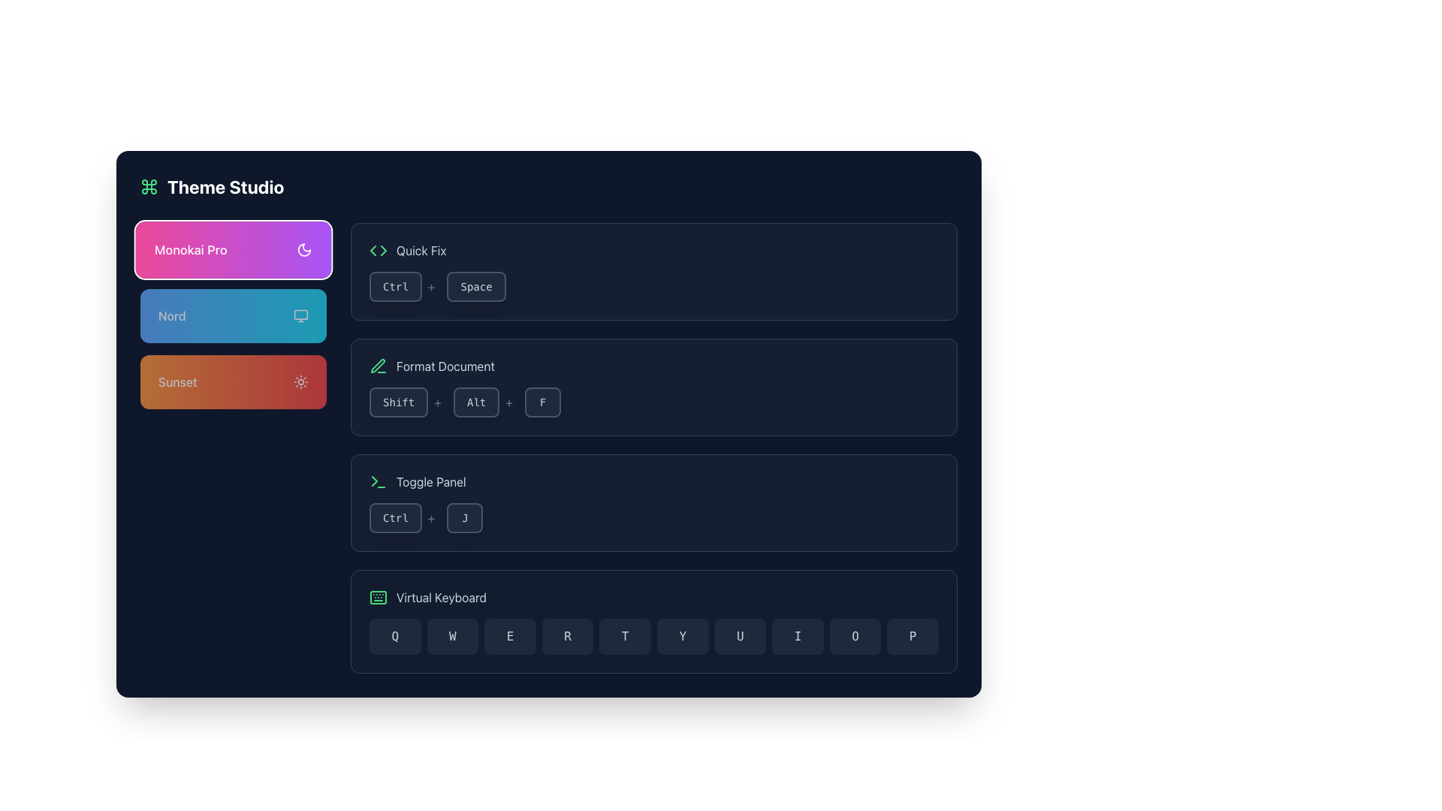 This screenshot has width=1442, height=811. I want to click on the icon in the top-left menu under the 'Monokai Pro' theme selection, so click(378, 366).